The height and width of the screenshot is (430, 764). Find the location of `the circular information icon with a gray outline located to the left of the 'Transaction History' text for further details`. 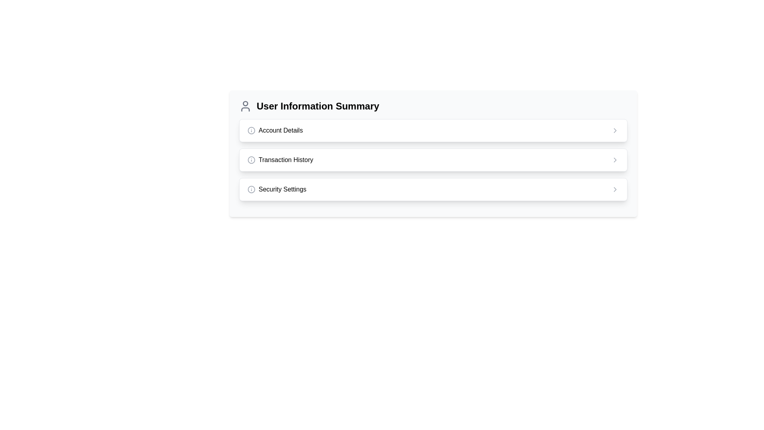

the circular information icon with a gray outline located to the left of the 'Transaction History' text for further details is located at coordinates (251, 160).